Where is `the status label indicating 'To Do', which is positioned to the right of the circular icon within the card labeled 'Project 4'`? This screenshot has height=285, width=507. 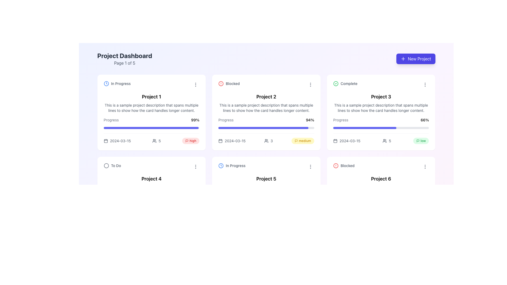
the status label indicating 'To Do', which is positioned to the right of the circular icon within the card labeled 'Project 4' is located at coordinates (116, 165).